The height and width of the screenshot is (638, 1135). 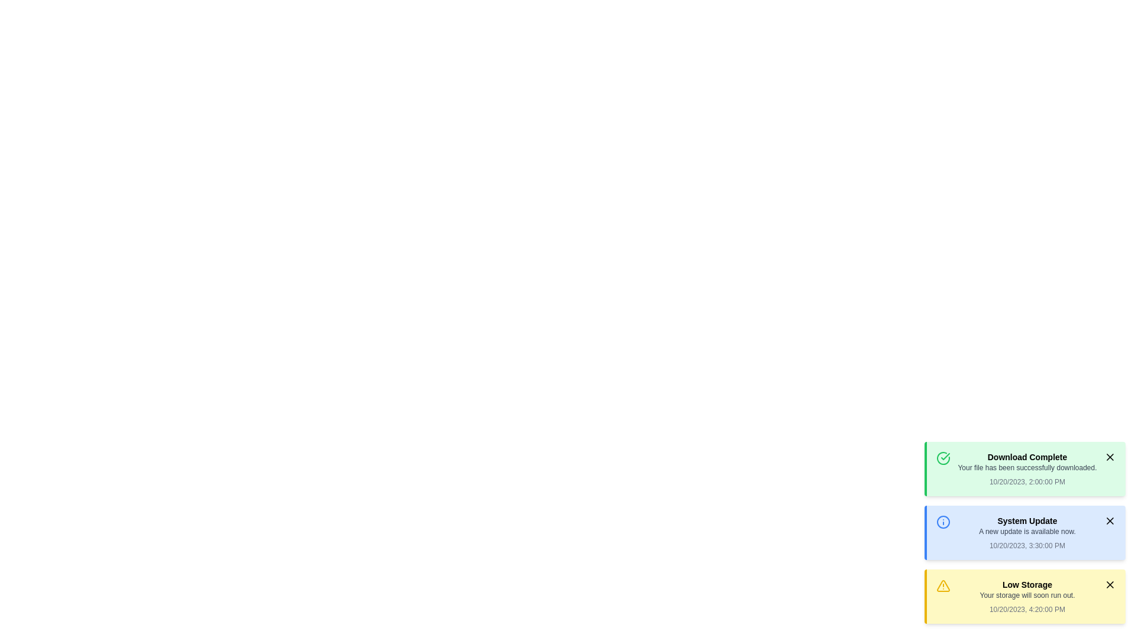 I want to click on timestamp displayed in small gray font within the 'Download Complete' notification box, located below the message 'Your file has been successfully downloaded.', so click(x=1026, y=482).